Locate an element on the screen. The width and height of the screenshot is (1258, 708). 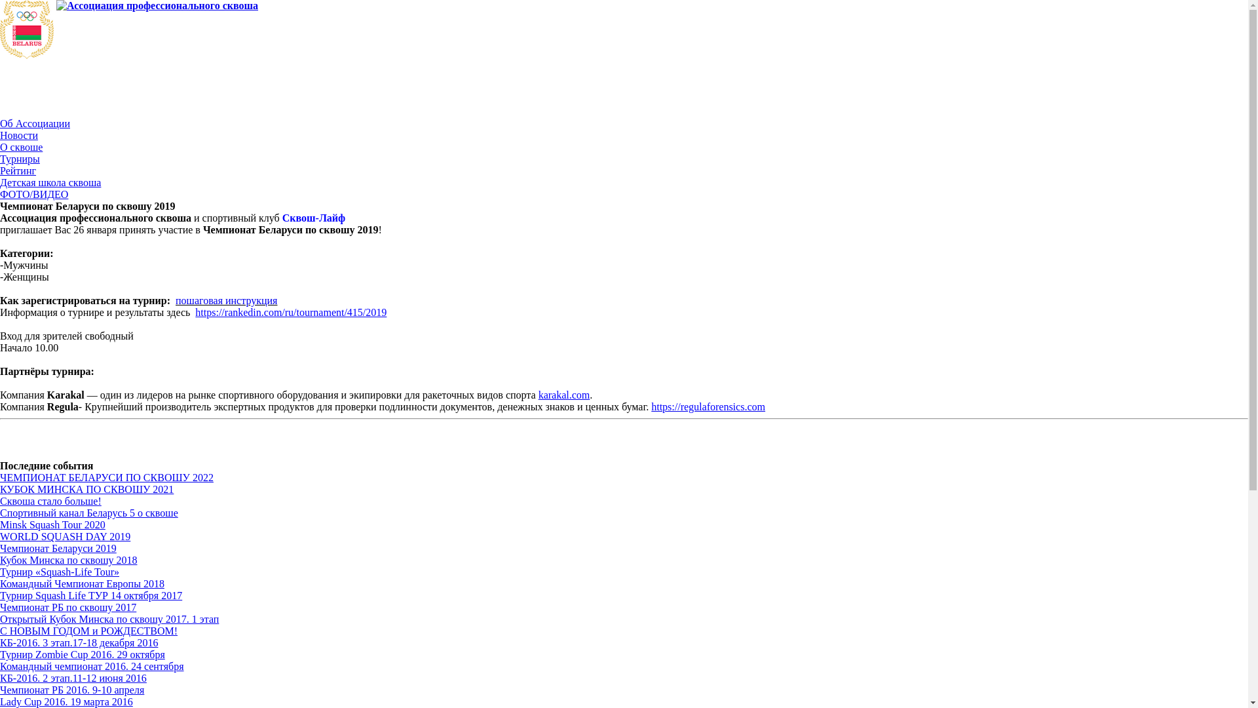
'https://rankedin.com/ru/tournament/415/2019' is located at coordinates (290, 312).